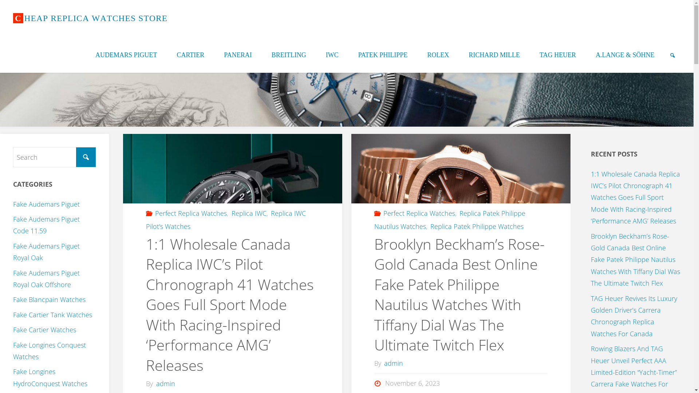  What do you see at coordinates (450, 219) in the screenshot?
I see `'Replica Patek Philippe Nautilus Watches'` at bounding box center [450, 219].